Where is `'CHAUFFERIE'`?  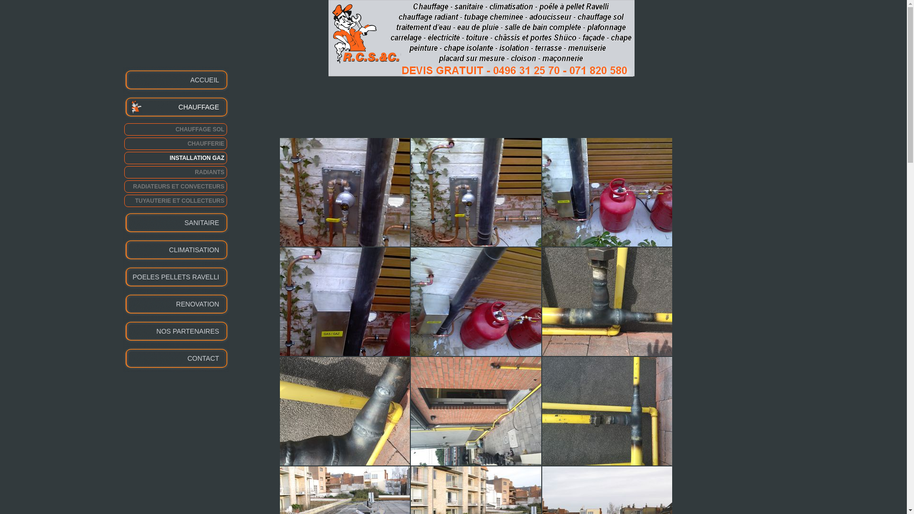 'CHAUFFERIE' is located at coordinates (175, 143).